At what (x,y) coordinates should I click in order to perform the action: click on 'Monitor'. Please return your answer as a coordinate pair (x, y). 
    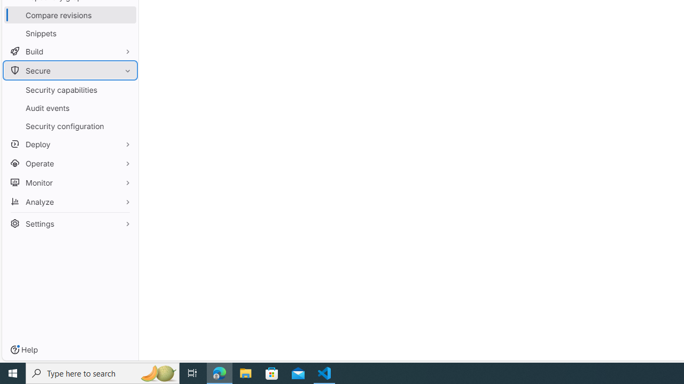
    Looking at the image, I should click on (69, 182).